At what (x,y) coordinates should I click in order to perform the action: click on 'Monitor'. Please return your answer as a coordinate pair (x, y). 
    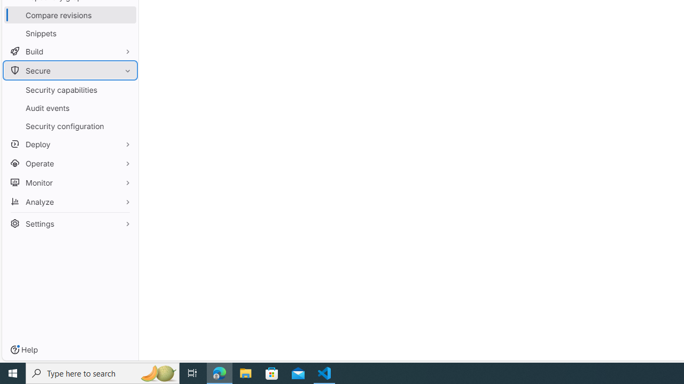
    Looking at the image, I should click on (69, 182).